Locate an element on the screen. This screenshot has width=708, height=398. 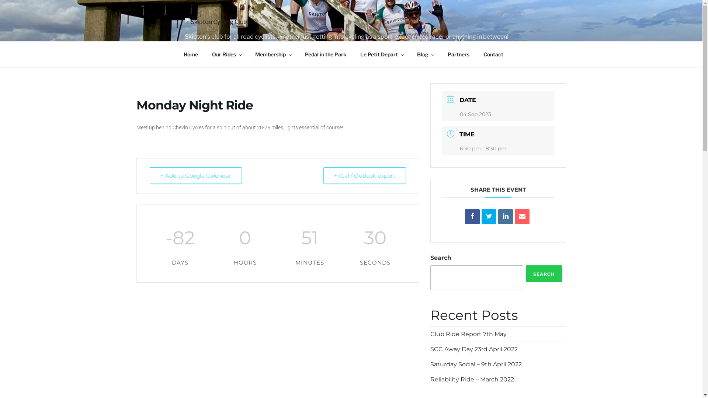
'Share on Facebook' is located at coordinates (472, 216).